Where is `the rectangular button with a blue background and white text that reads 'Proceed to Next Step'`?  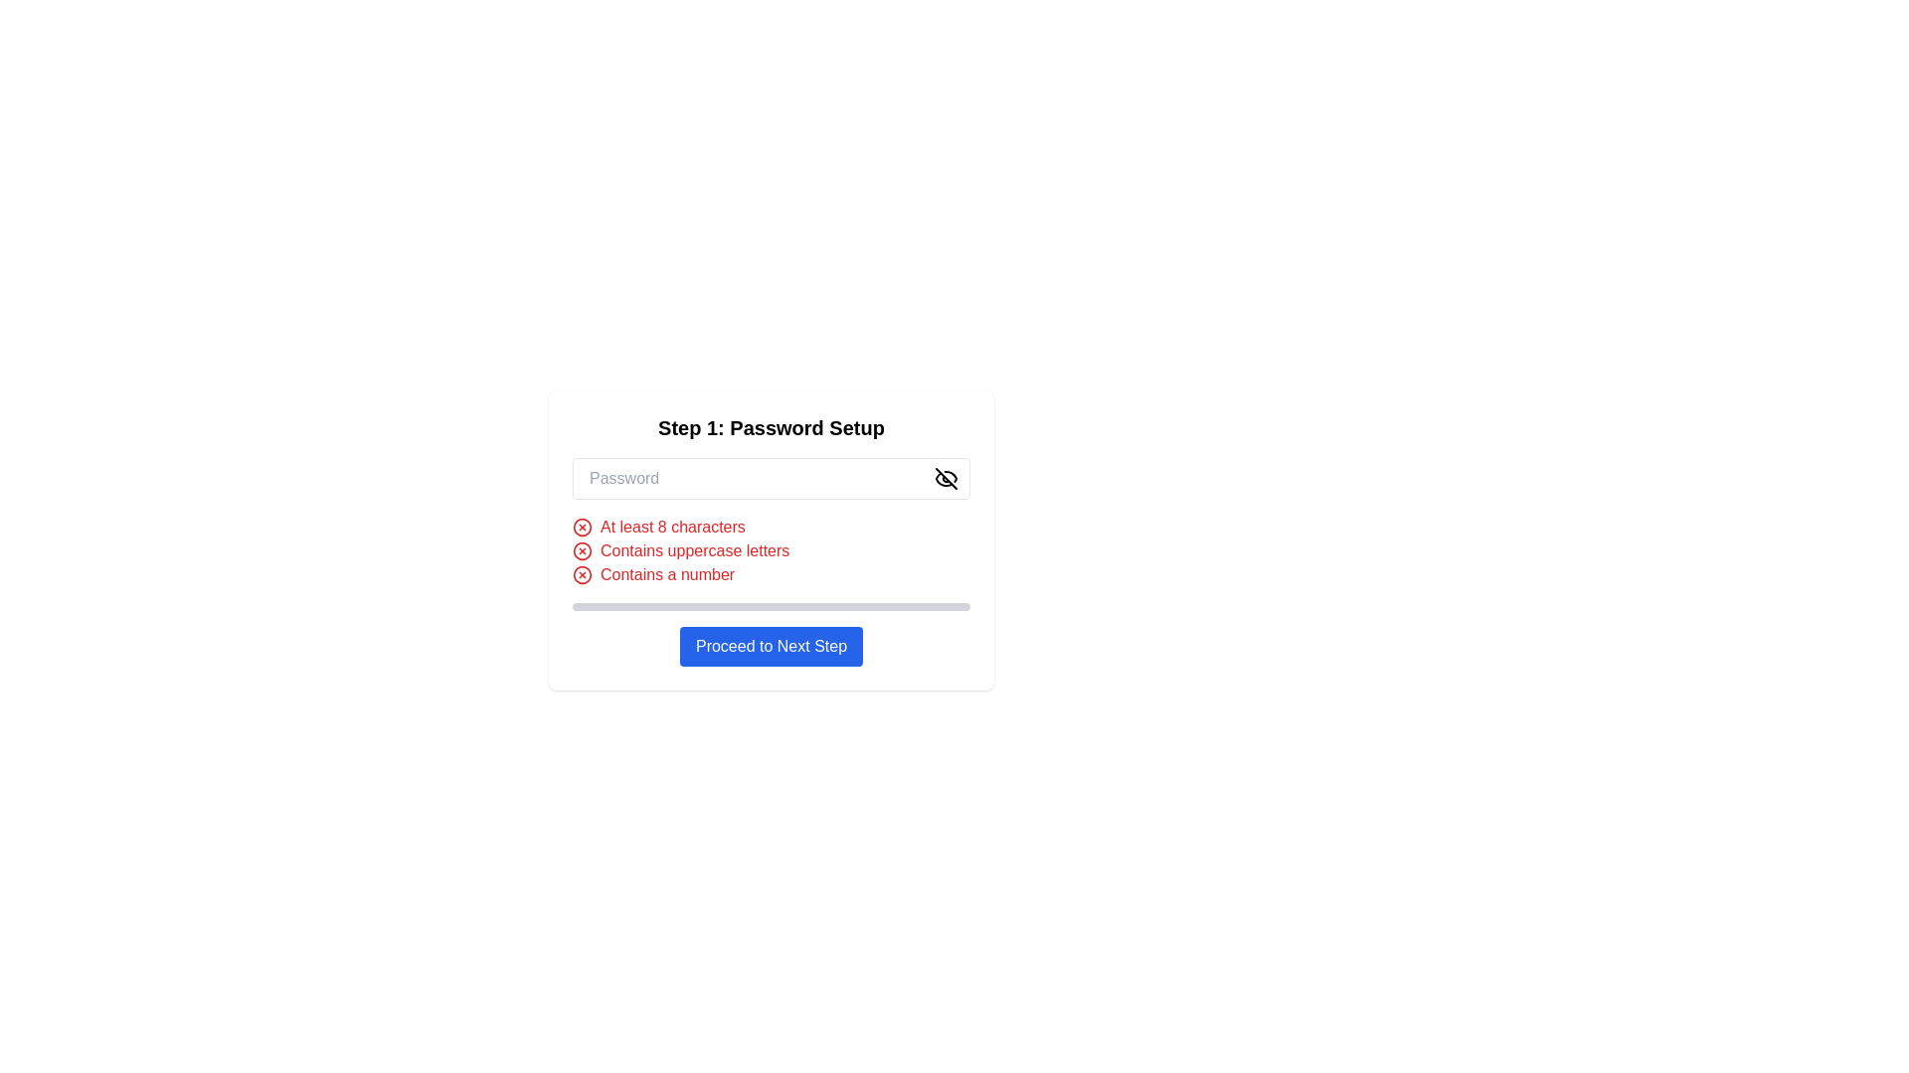 the rectangular button with a blue background and white text that reads 'Proceed to Next Step' is located at coordinates (771, 647).